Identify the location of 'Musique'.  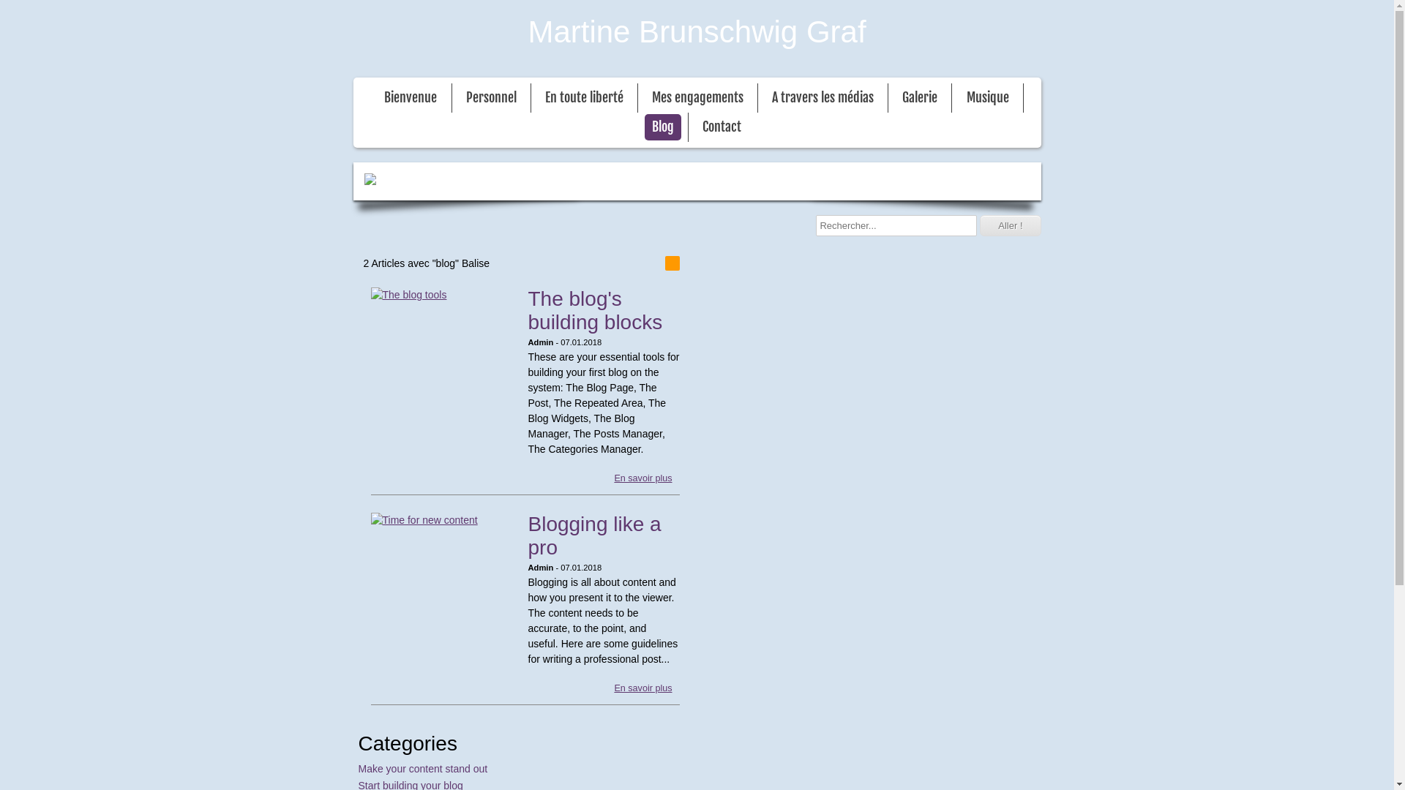
(987, 98).